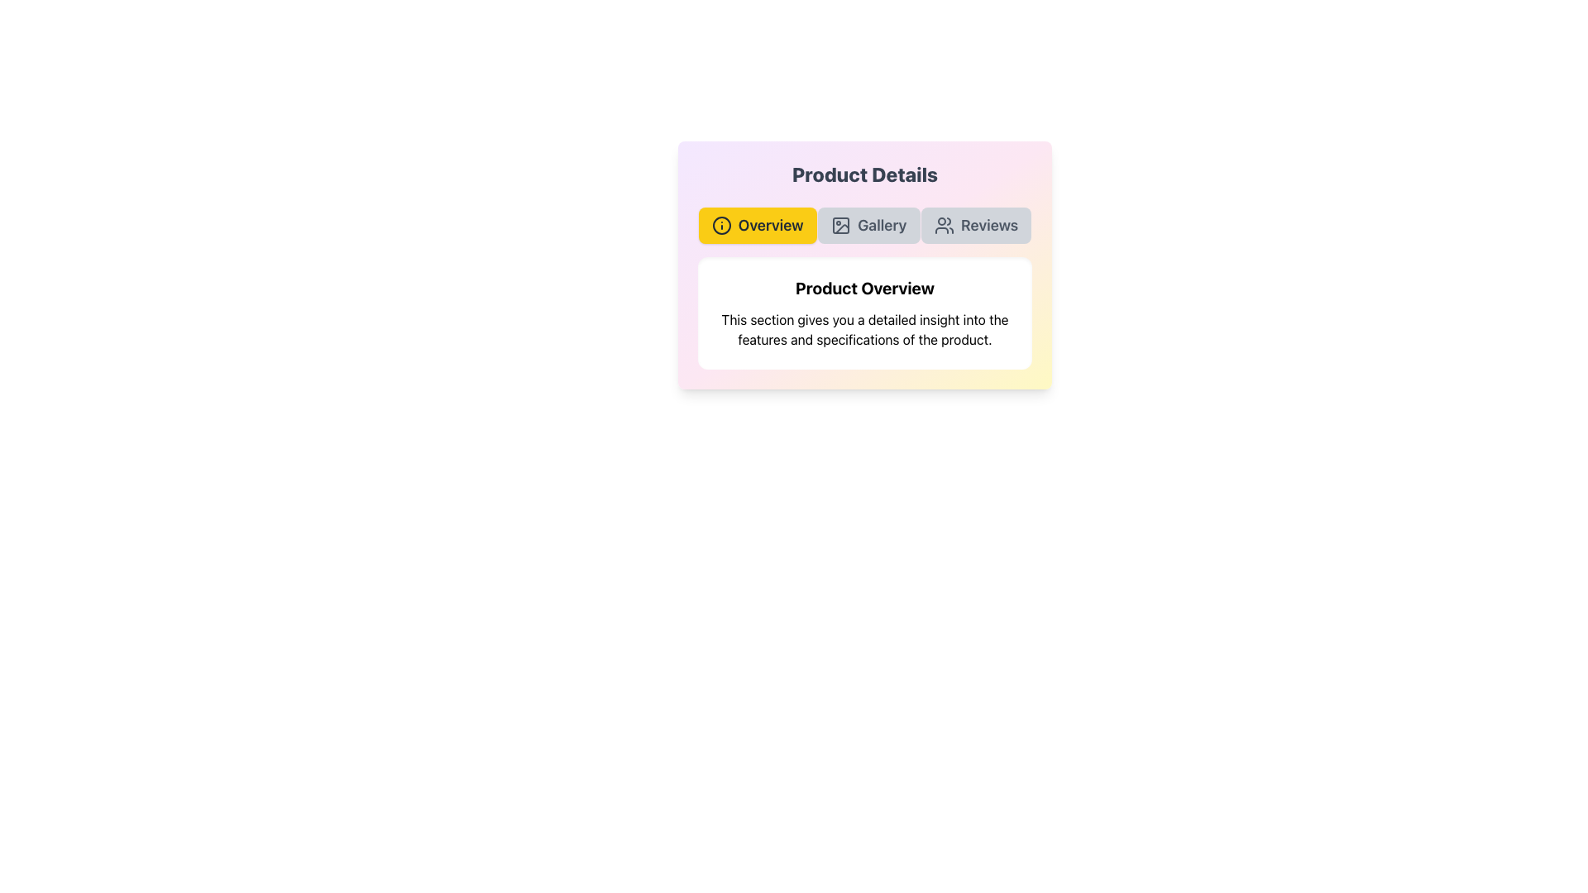  What do you see at coordinates (864, 287) in the screenshot?
I see `bold and enlarged text header labeled 'Product Overview' located centrally above the product description in the 'Product Details' section` at bounding box center [864, 287].